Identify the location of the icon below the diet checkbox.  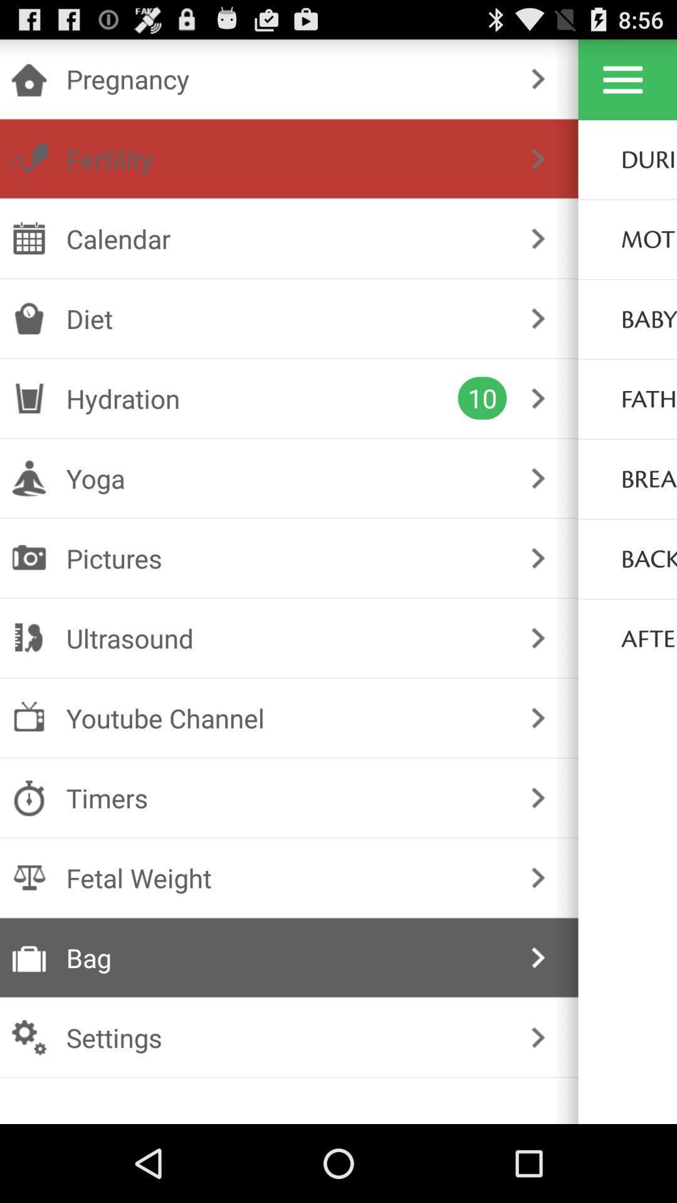
(261, 397).